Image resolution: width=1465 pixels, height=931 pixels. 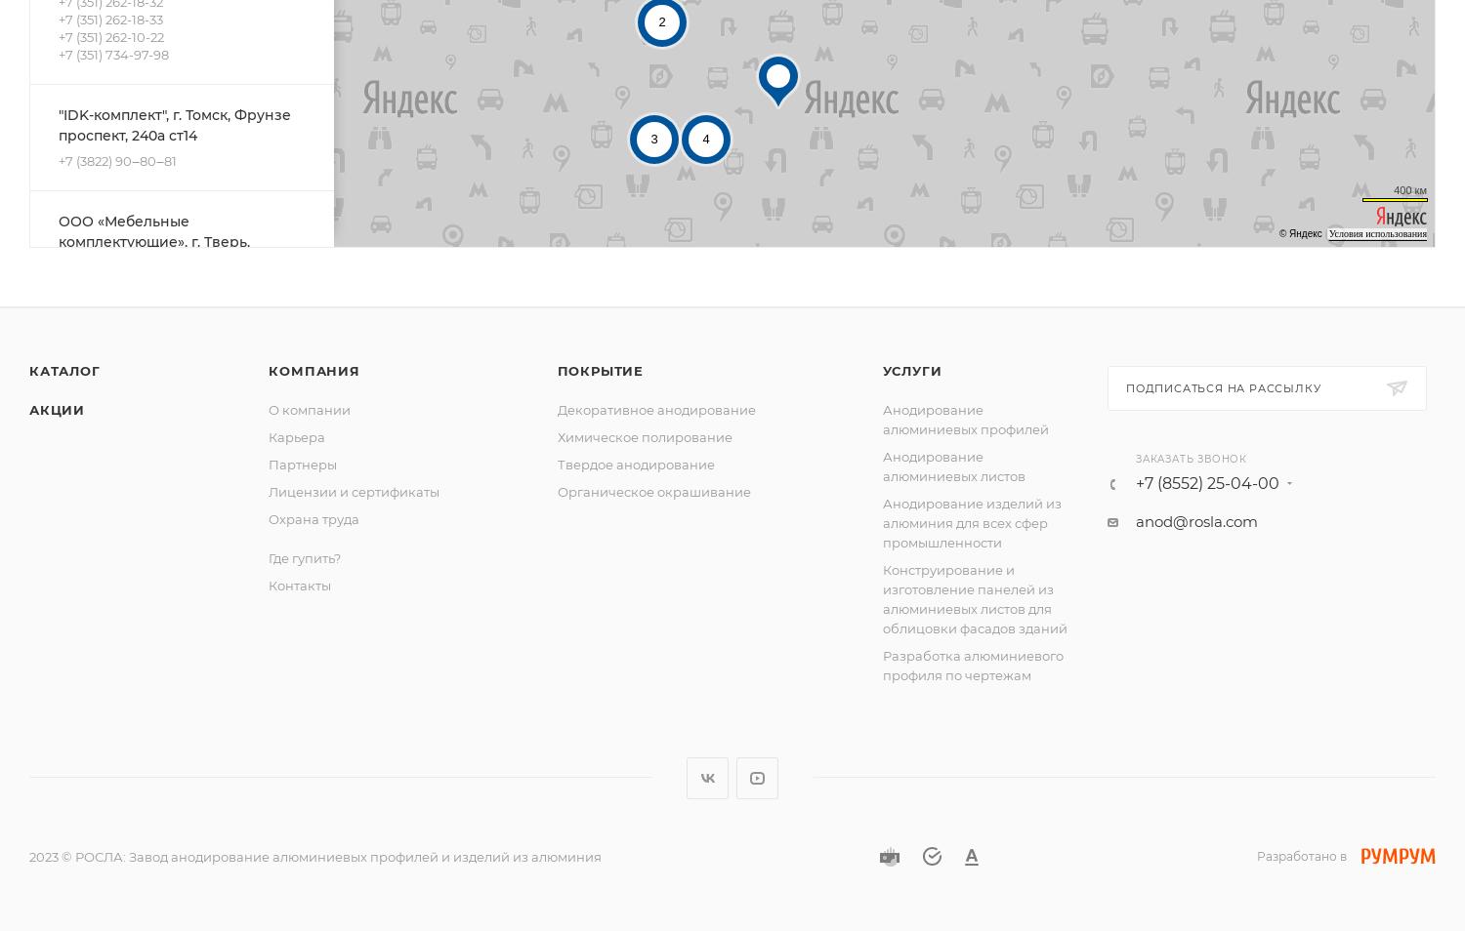 What do you see at coordinates (59, 123) in the screenshot?
I see `'"IDK-комплект", г. Томск, Фрунзе проспект, 240а ст14'` at bounding box center [59, 123].